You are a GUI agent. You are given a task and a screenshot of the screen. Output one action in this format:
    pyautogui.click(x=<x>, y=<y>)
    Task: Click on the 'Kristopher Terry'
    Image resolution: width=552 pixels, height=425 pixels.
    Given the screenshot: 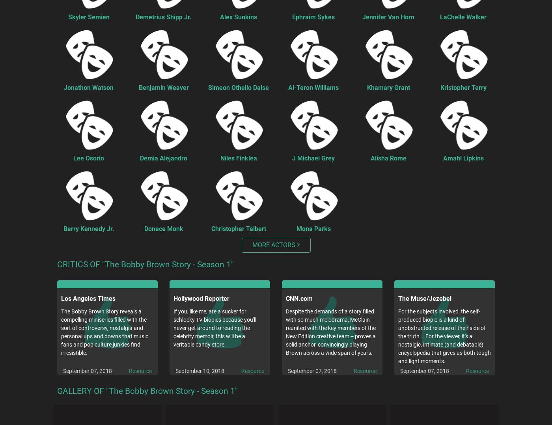 What is the action you would take?
    pyautogui.click(x=463, y=87)
    